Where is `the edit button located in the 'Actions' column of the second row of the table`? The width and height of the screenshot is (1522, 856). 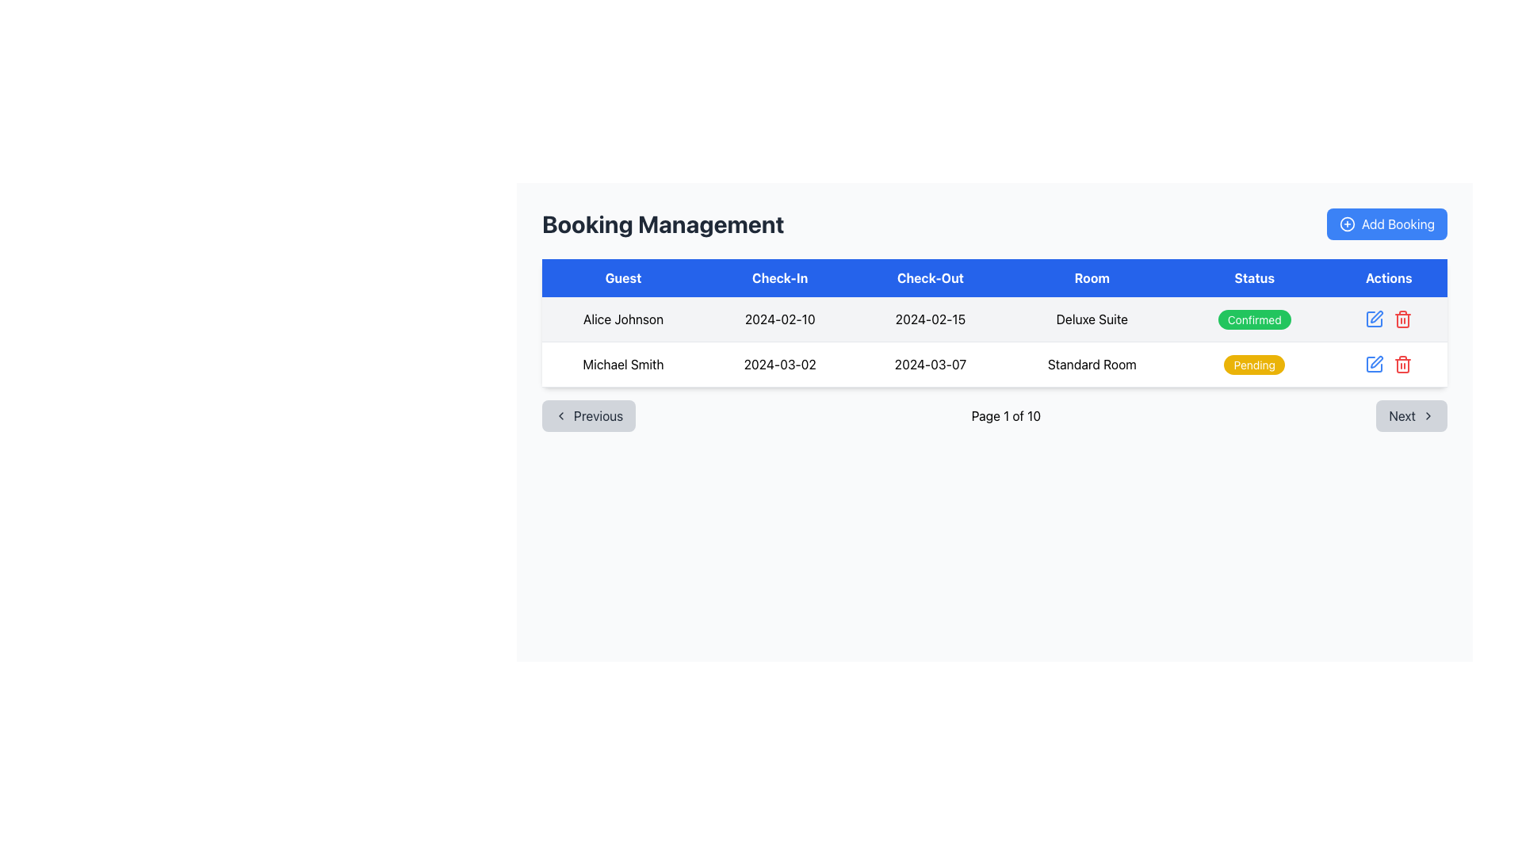 the edit button located in the 'Actions' column of the second row of the table is located at coordinates (1374, 364).